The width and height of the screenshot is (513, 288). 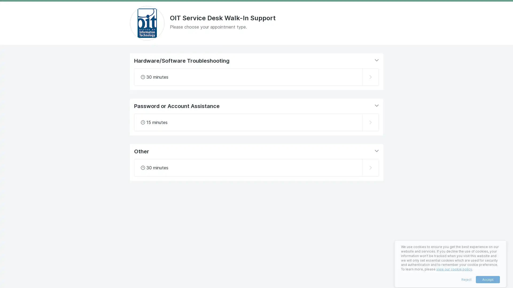 What do you see at coordinates (256, 167) in the screenshot?
I see `Select Other` at bounding box center [256, 167].